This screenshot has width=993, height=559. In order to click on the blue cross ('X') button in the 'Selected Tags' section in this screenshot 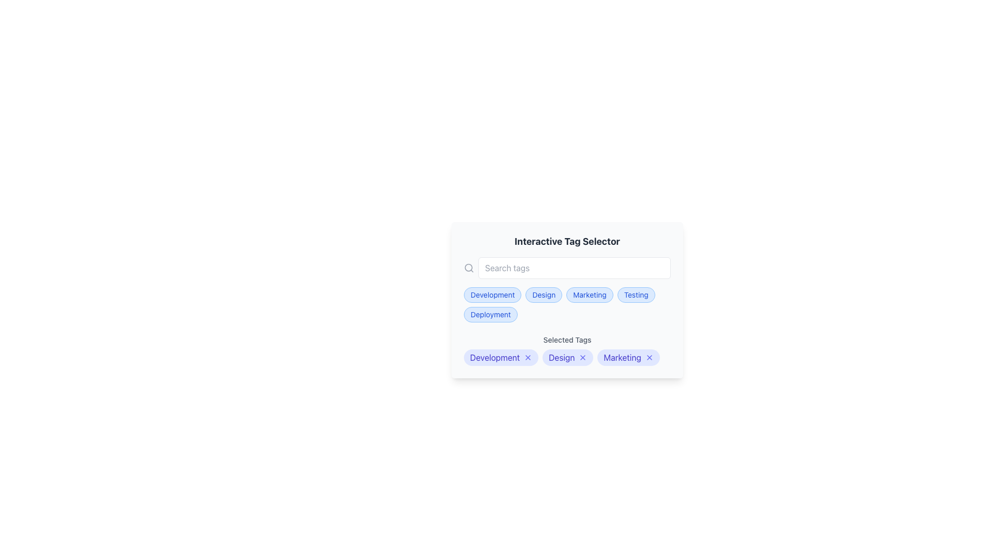, I will do `click(649, 357)`.